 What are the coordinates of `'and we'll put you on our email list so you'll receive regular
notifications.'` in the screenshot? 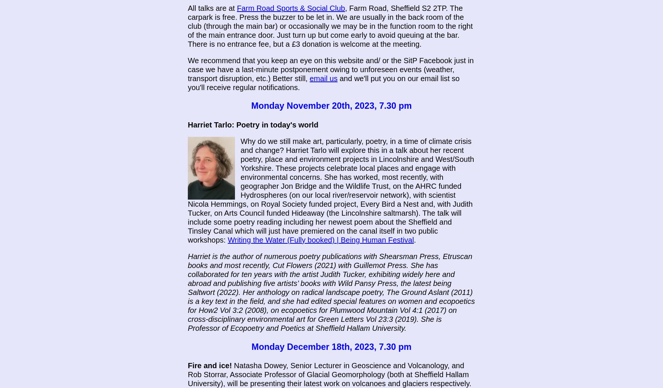 It's located at (323, 83).